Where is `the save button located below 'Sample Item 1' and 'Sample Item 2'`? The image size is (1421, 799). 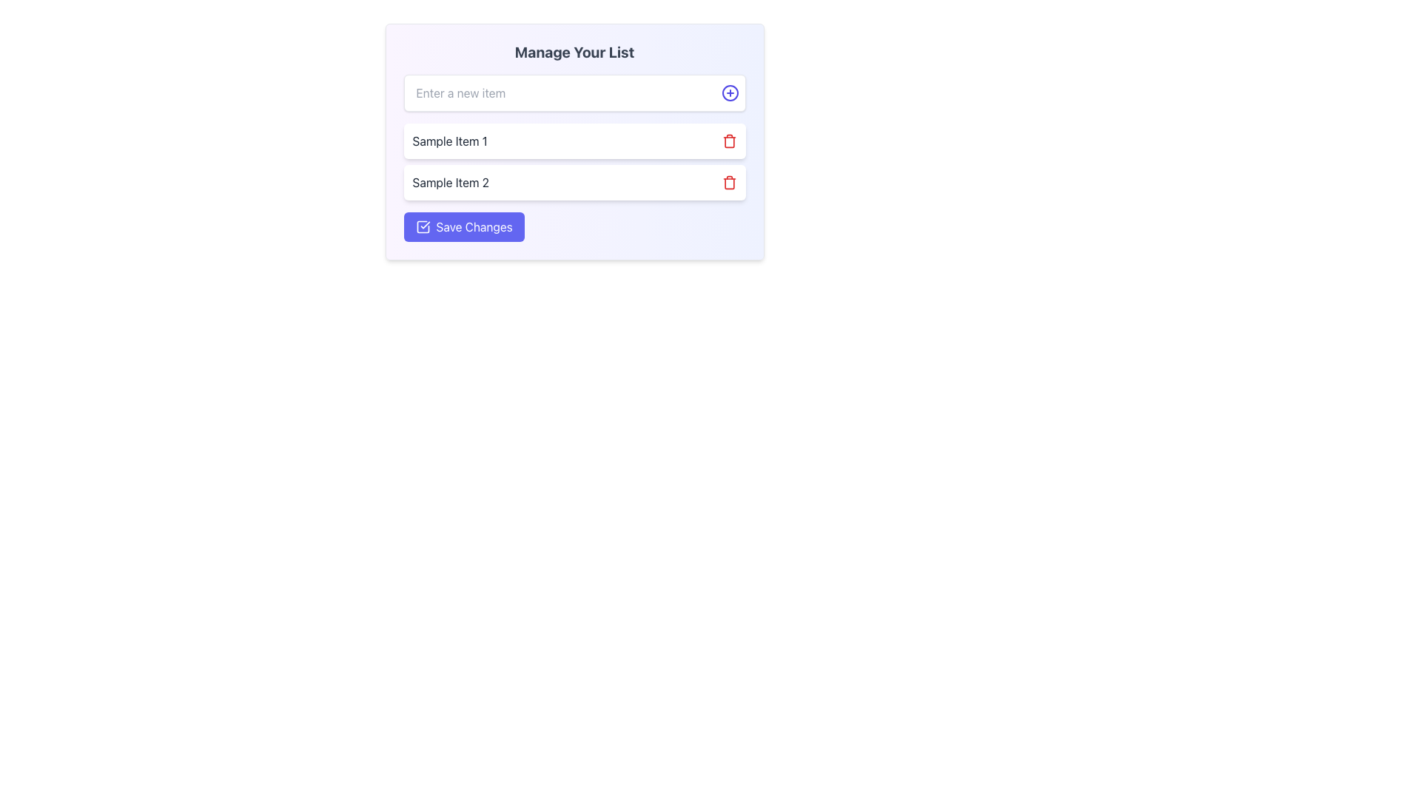 the save button located below 'Sample Item 1' and 'Sample Item 2' is located at coordinates (463, 227).